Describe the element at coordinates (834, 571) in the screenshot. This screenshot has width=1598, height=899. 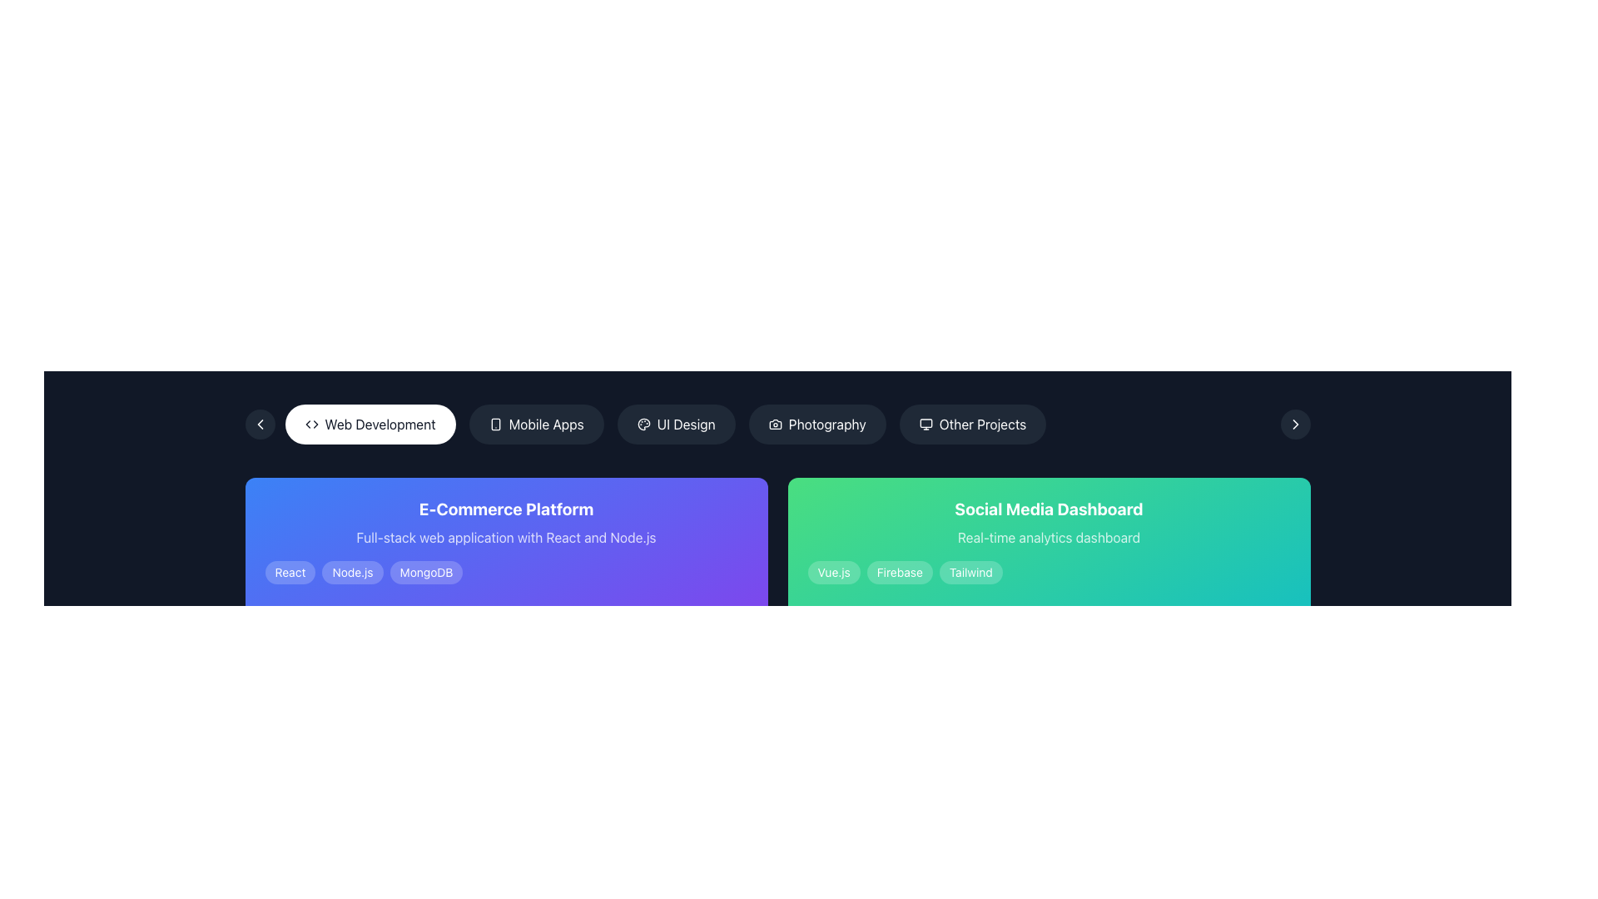
I see `the pill-shaped tag labeled 'Vue.js' with a light green background, located in the lower-right section of the 'Social Media Dashboard', positioned to the left of 'Firebase' and 'Tailwind'` at that location.